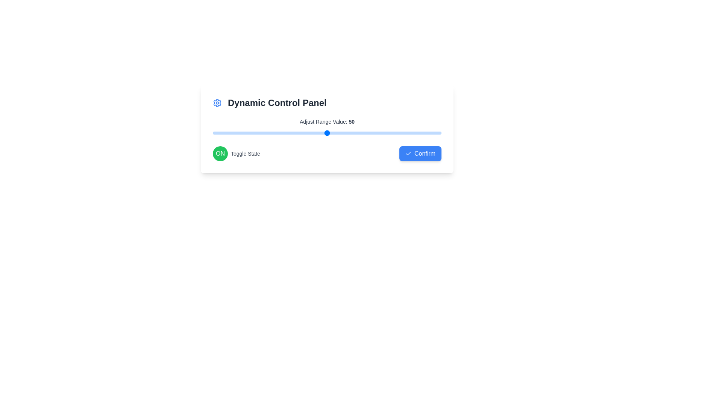 Image resolution: width=722 pixels, height=406 pixels. Describe the element at coordinates (327, 153) in the screenshot. I see `the 'Confirm' button in the Composite element of the 'Dynamic Control Panel'` at that location.